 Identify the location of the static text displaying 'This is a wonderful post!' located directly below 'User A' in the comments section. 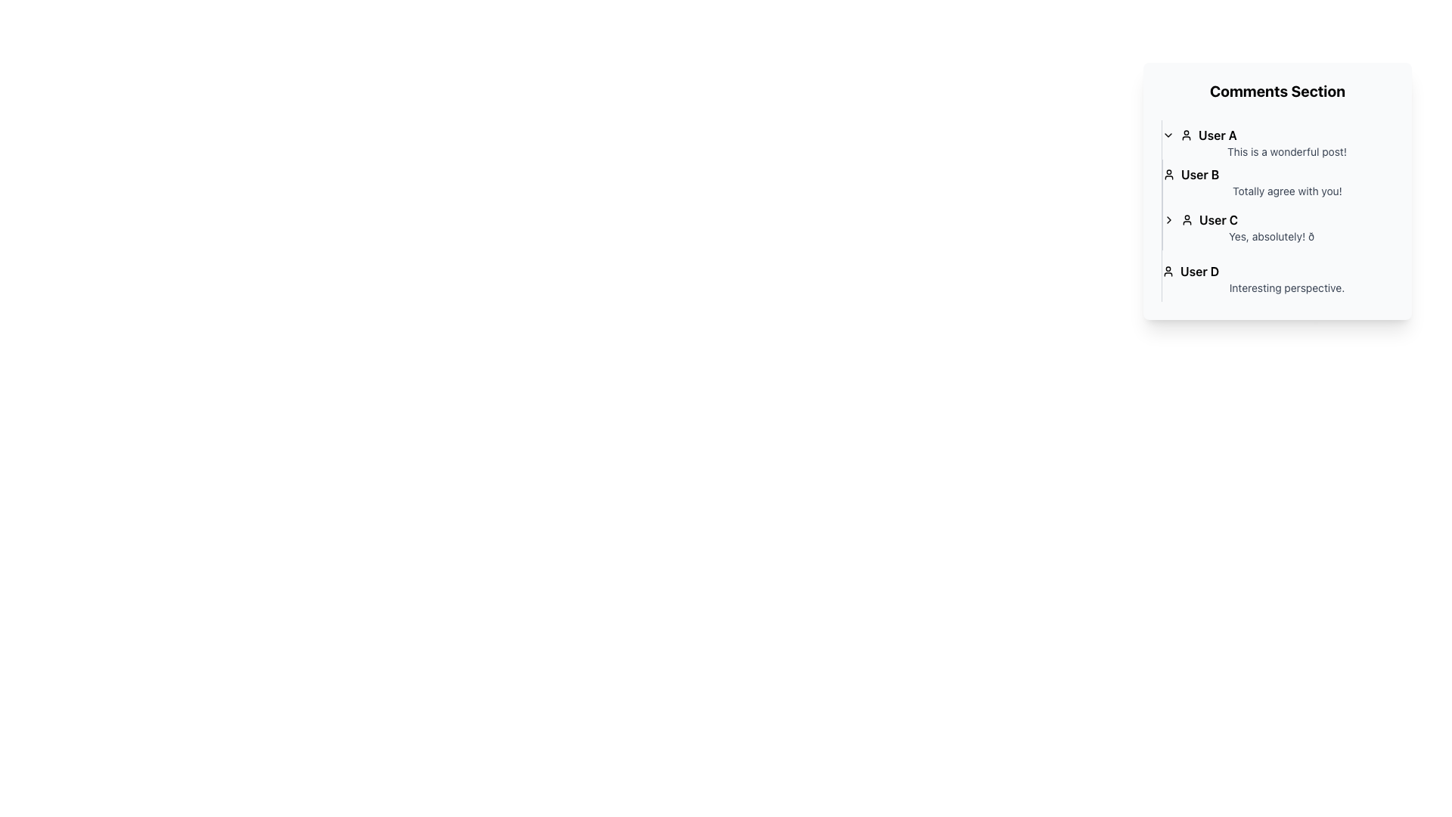
(1277, 151).